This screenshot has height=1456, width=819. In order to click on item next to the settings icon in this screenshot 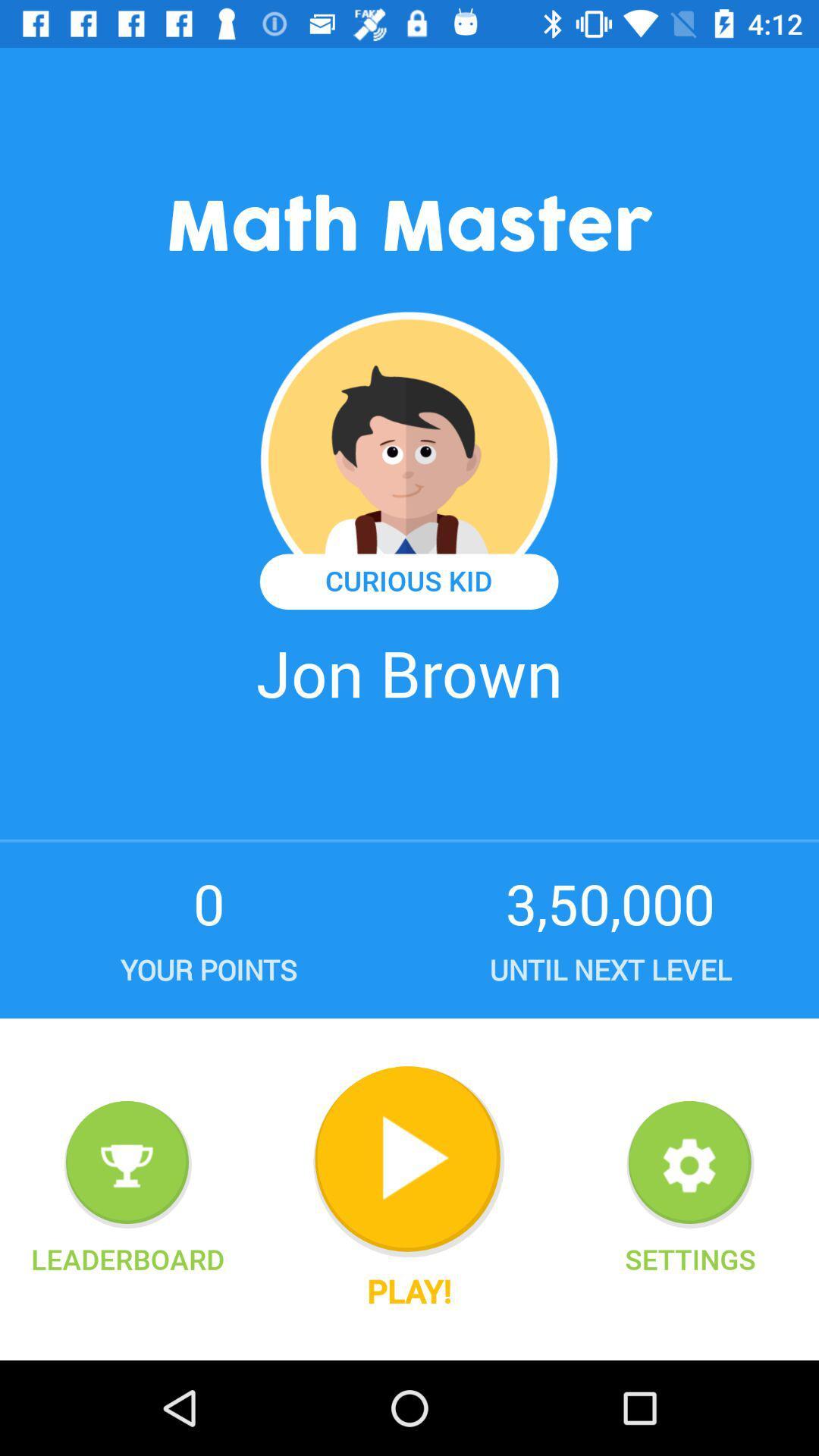, I will do `click(408, 1290)`.